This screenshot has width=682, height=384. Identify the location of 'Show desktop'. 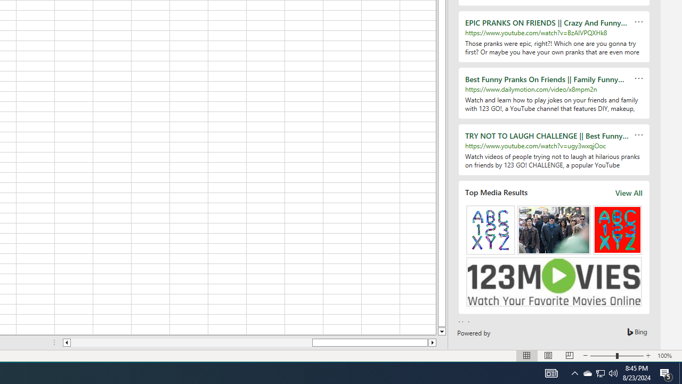
(680, 372).